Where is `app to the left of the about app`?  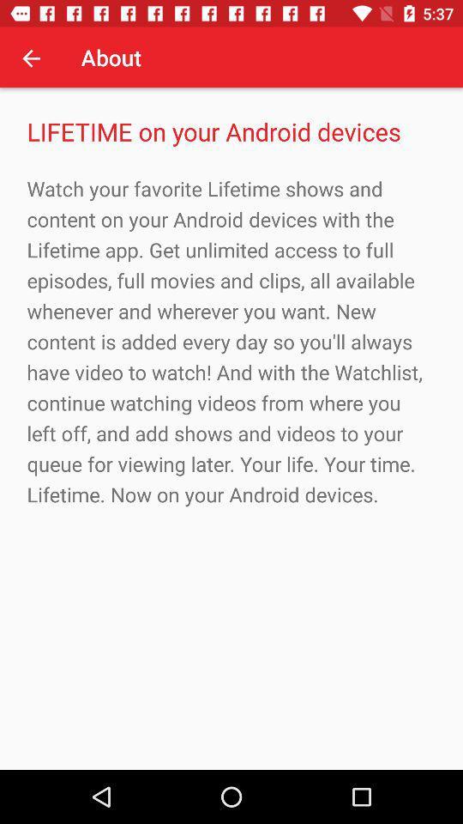
app to the left of the about app is located at coordinates (31, 58).